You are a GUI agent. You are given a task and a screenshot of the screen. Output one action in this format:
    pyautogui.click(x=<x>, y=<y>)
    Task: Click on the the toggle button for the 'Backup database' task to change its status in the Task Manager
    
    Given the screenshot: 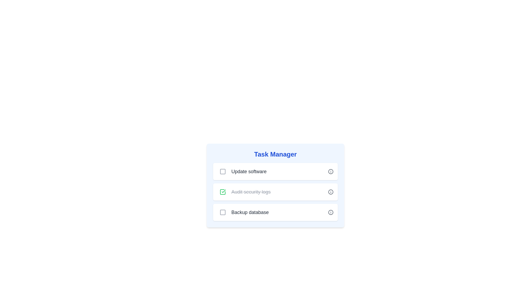 What is the action you would take?
    pyautogui.click(x=223, y=212)
    